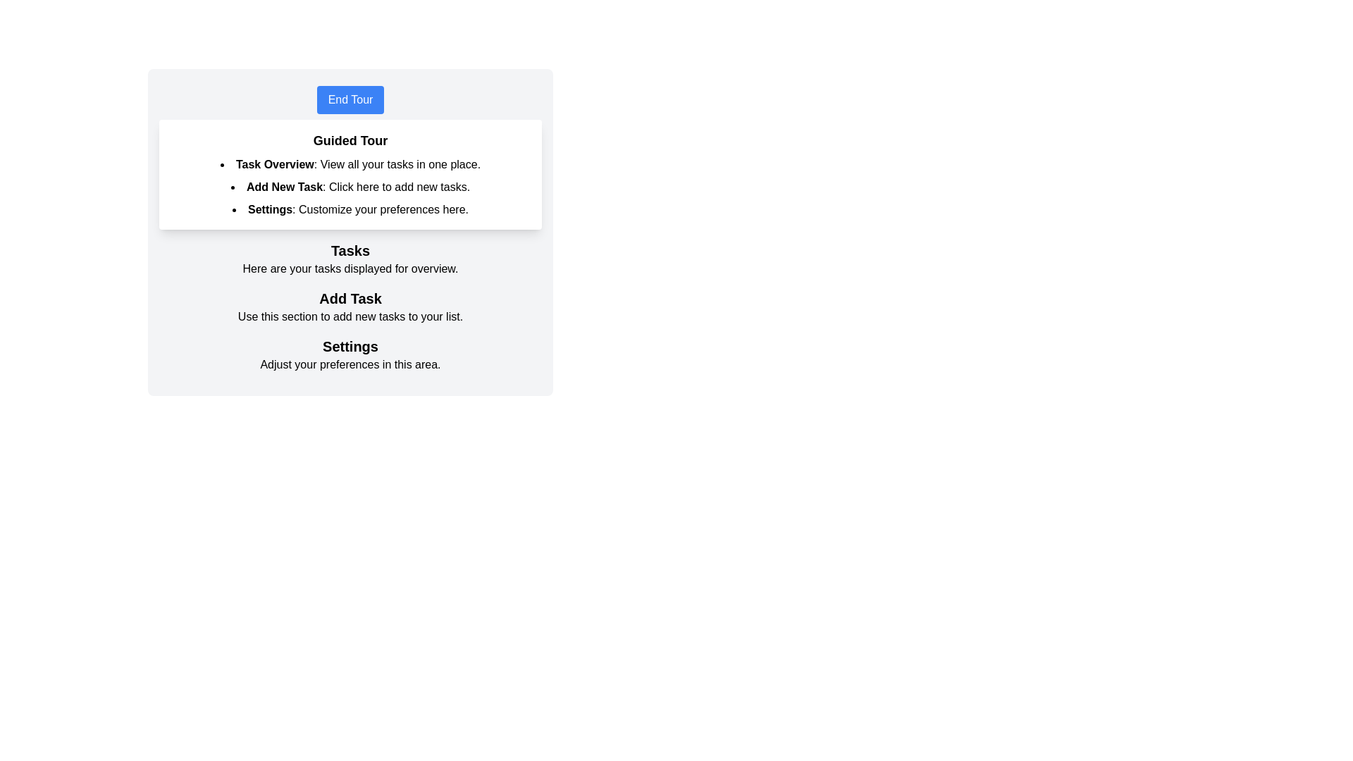  I want to click on the first bullet point heading under the 'Guided Tour' header, which introduces the concept of viewing all tasks in one place, so click(275, 163).